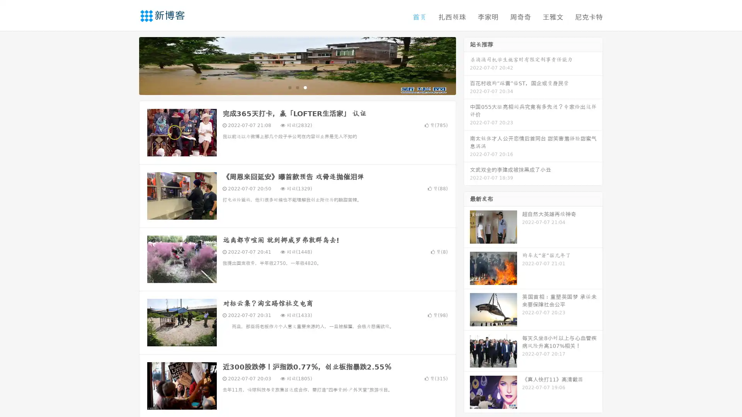 The image size is (742, 417). I want to click on Next slide, so click(467, 65).